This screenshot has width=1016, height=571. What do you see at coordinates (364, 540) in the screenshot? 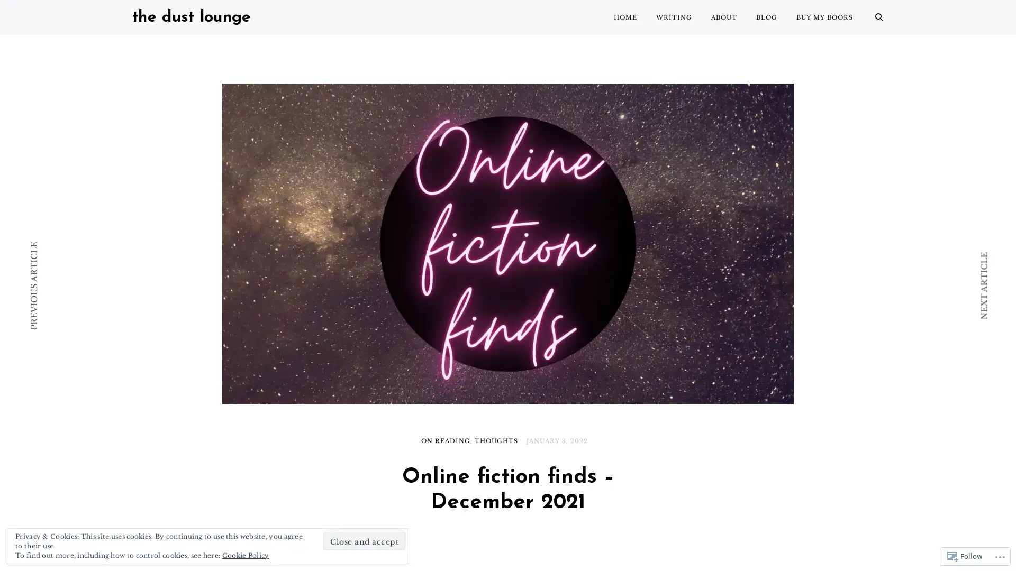
I see `Close and accept` at bounding box center [364, 540].